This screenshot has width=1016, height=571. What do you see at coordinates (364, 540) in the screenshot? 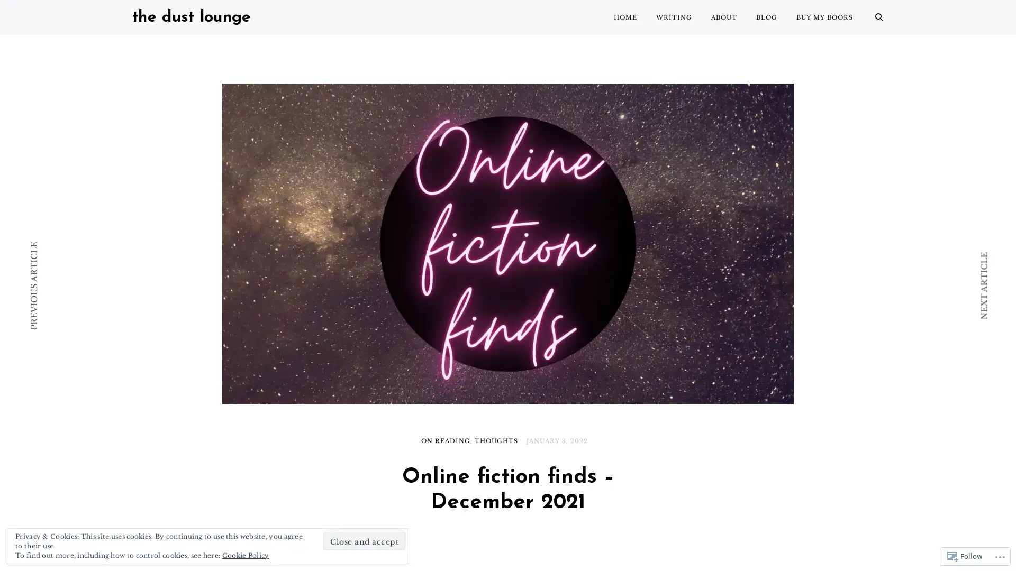
I see `Close and accept` at bounding box center [364, 540].